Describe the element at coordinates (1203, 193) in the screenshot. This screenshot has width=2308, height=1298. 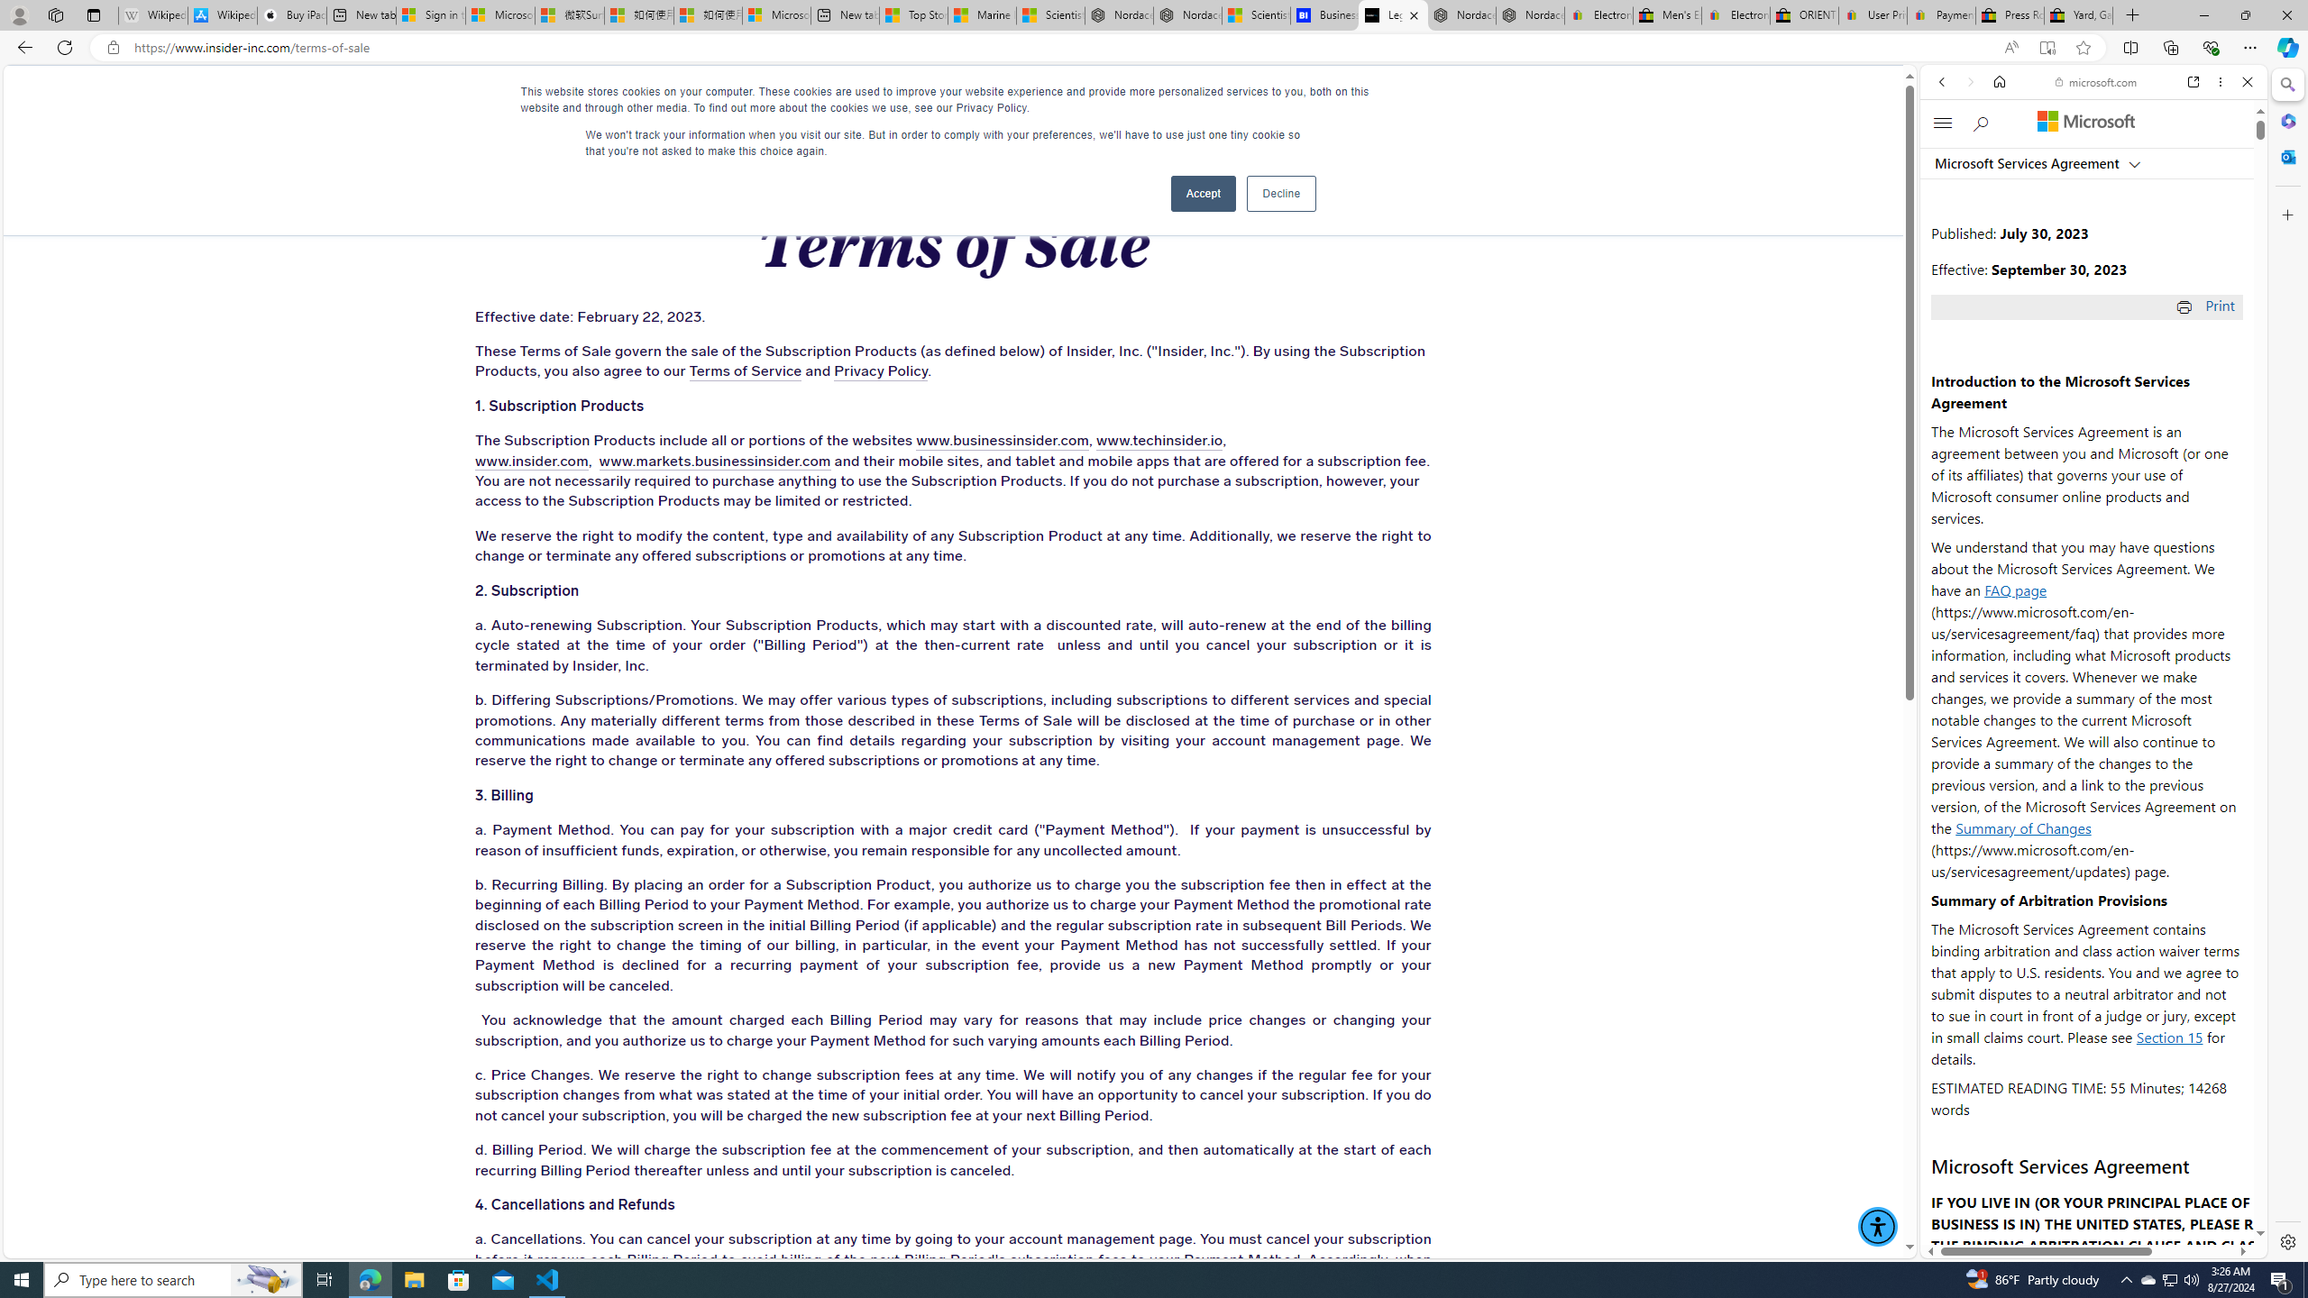
I see `'Accept'` at that location.